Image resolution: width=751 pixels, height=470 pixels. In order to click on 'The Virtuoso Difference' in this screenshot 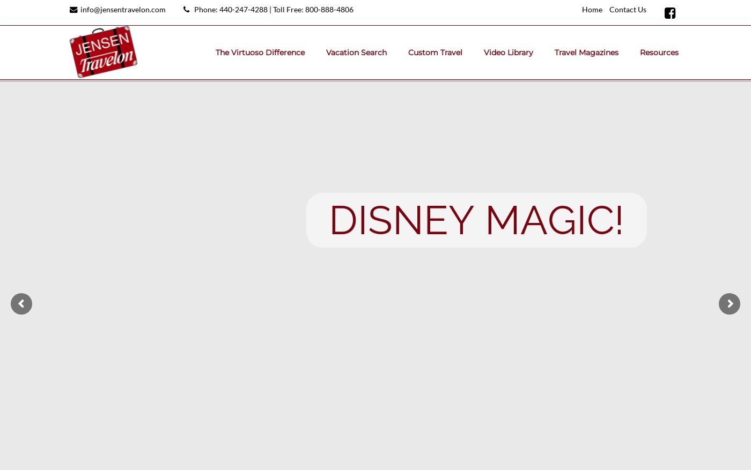, I will do `click(260, 52)`.